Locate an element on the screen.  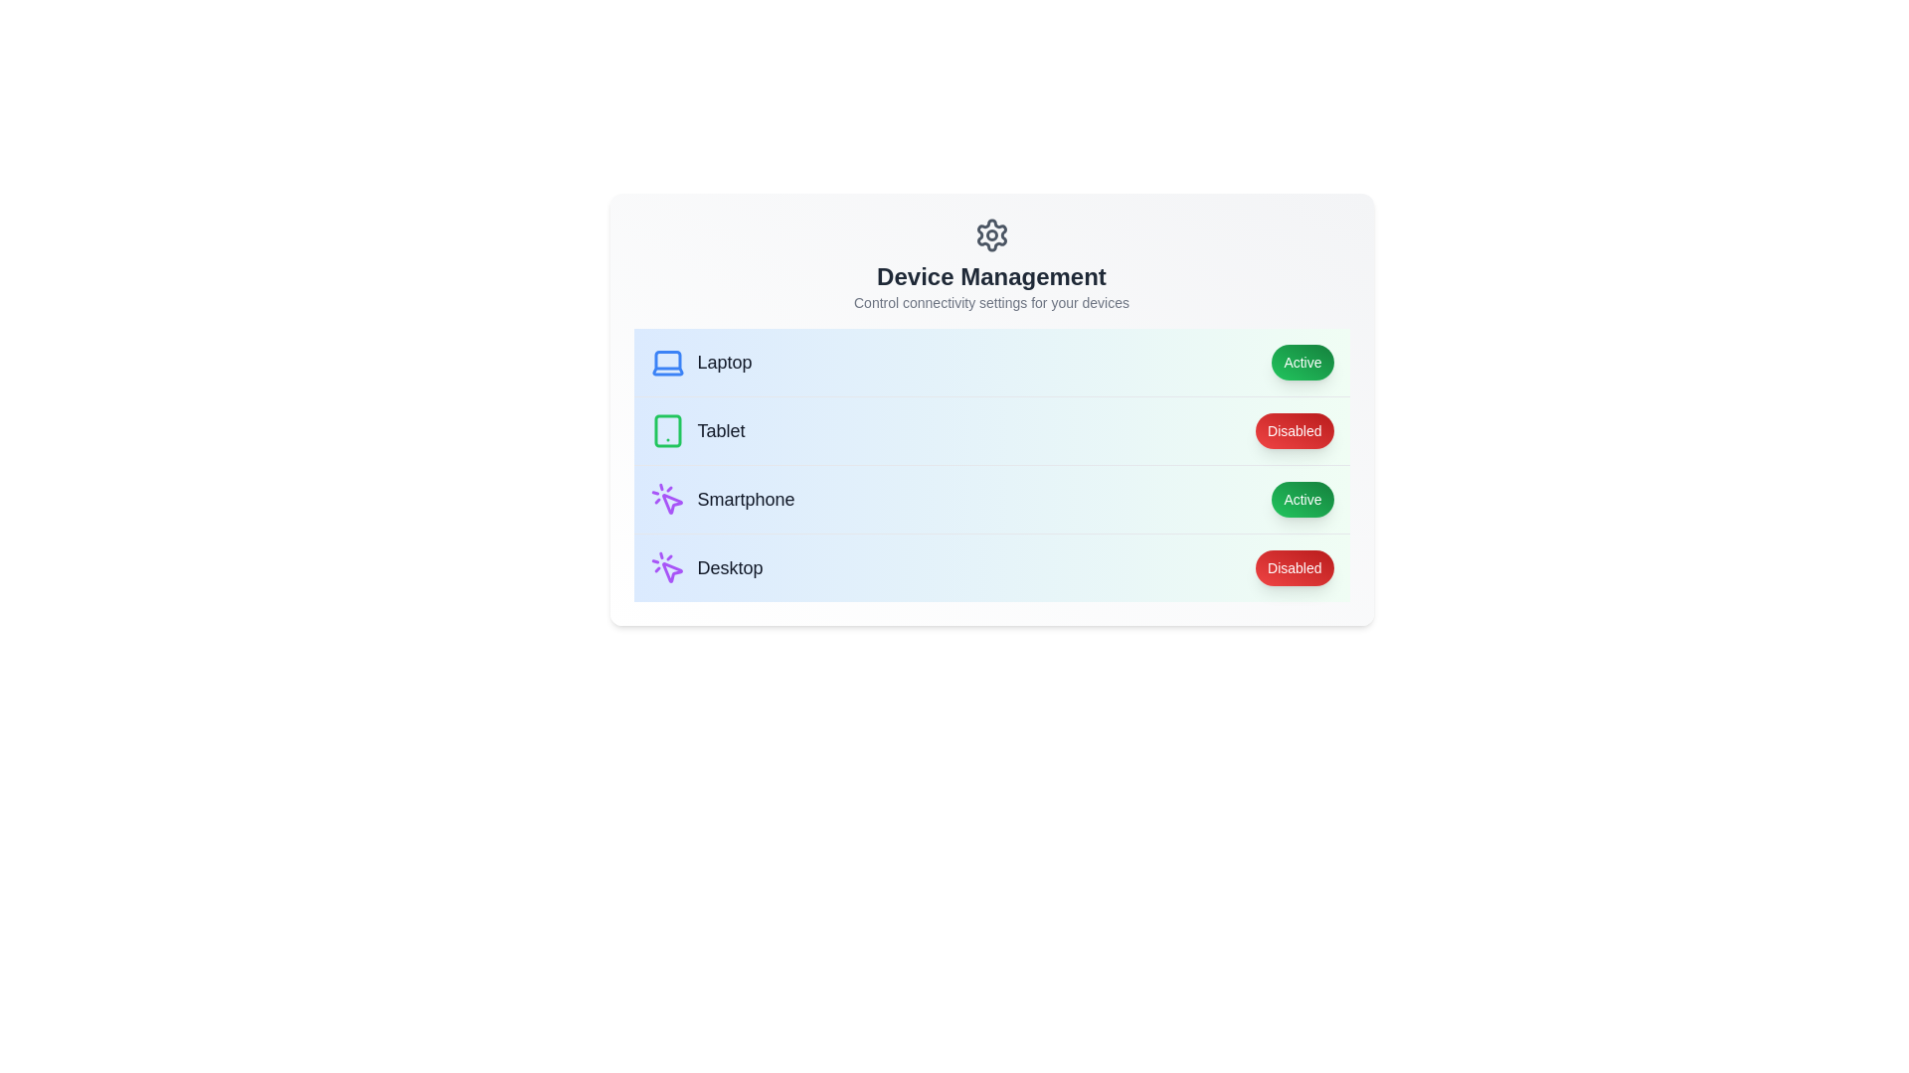
the icon representing the Smartphone to toggle its state is located at coordinates (667, 498).